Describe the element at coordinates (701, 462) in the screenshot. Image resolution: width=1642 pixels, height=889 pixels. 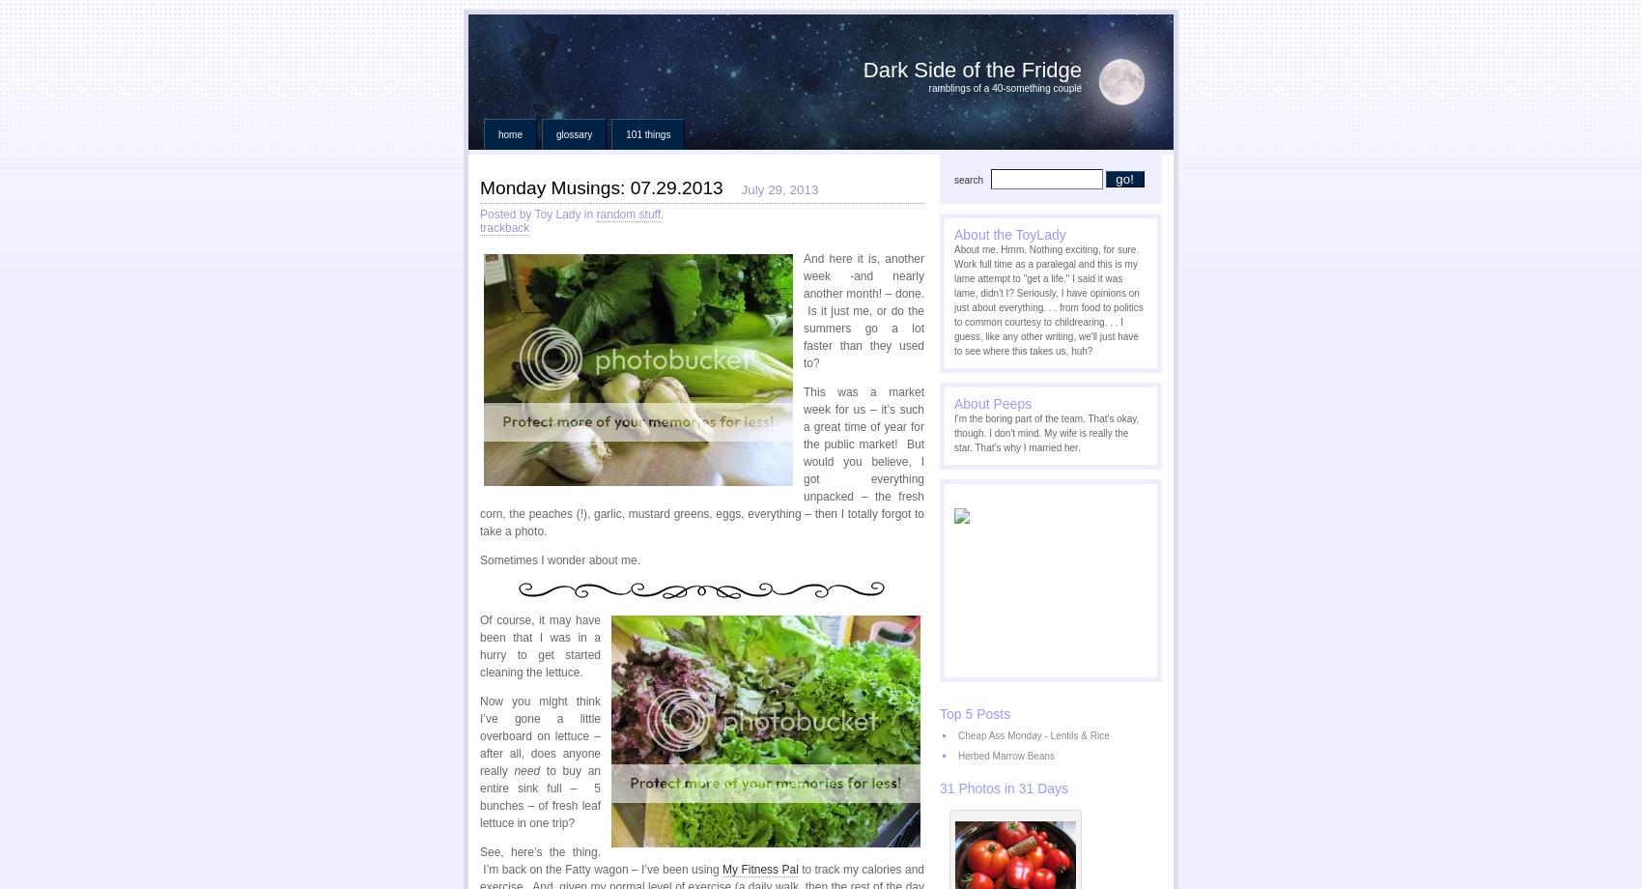
I see `'This was a market week for us – it’s such a great time of year for the public market!  But would you believe, I got everything unpacked – the fresh corn, the peaches (!), garlic, mustard greens, eggs, everything – then I totally forgot to take a photo.'` at that location.